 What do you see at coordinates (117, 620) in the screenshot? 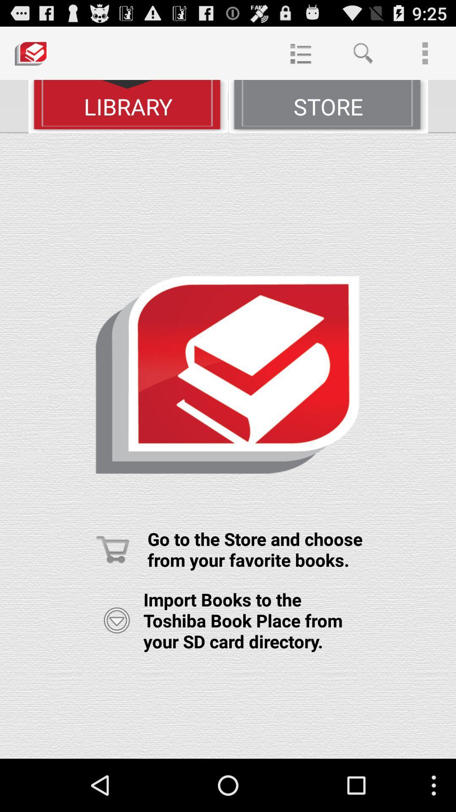
I see `import books` at bounding box center [117, 620].